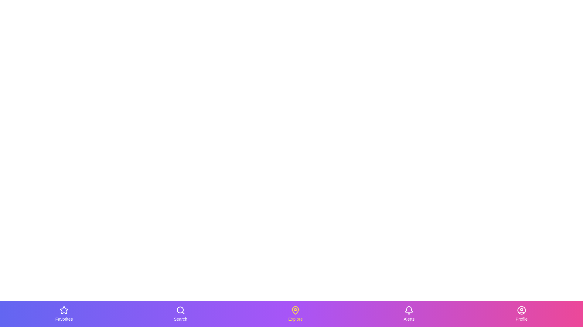 This screenshot has height=327, width=583. Describe the element at coordinates (295, 314) in the screenshot. I see `the Explore tab to activate it` at that location.